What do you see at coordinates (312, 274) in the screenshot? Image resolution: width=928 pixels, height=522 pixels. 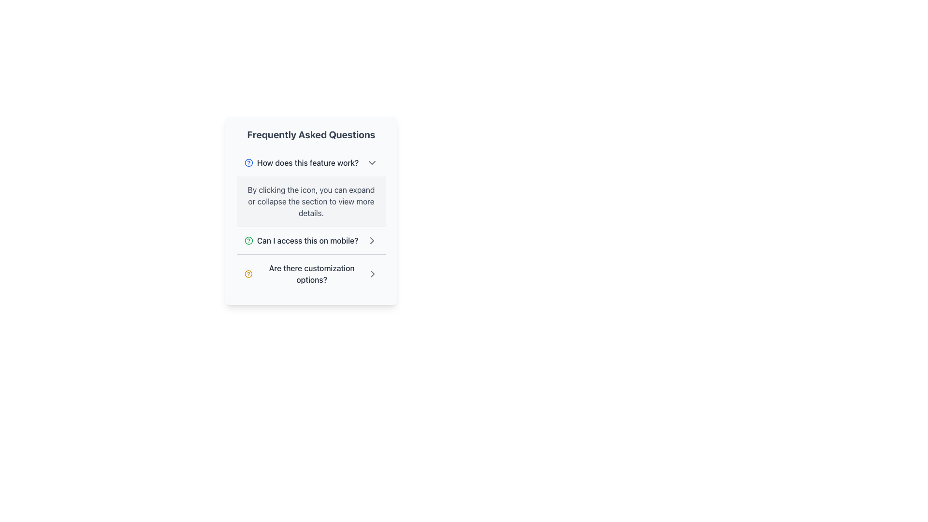 I see `the text label that inquires about customization options, located in the FAQ section as the last question after 'Can I access this on mobile?'` at bounding box center [312, 274].